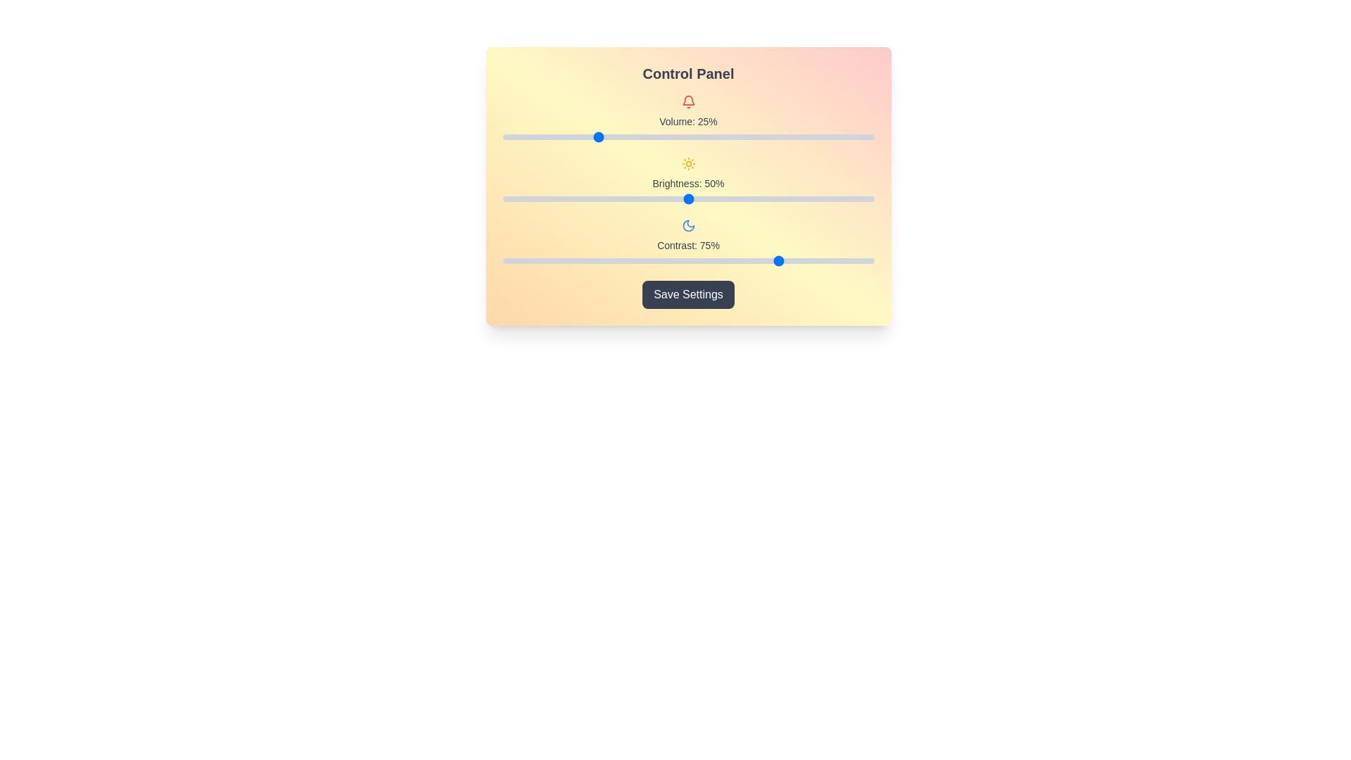  Describe the element at coordinates (581, 260) in the screenshot. I see `contrast` at that location.